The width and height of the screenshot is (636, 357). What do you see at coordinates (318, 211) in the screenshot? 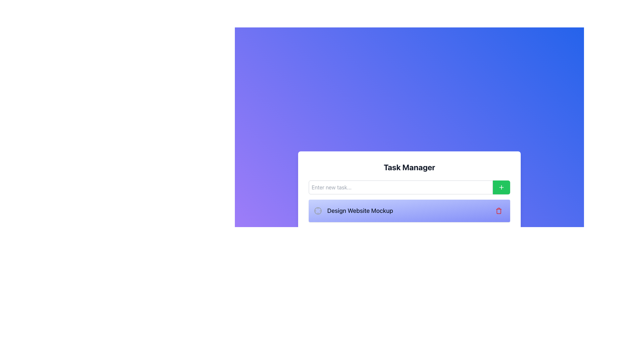
I see `the circular crosshair icon styled in gray, located to the left of the text 'Design Website Mockup' within the task entry` at bounding box center [318, 211].